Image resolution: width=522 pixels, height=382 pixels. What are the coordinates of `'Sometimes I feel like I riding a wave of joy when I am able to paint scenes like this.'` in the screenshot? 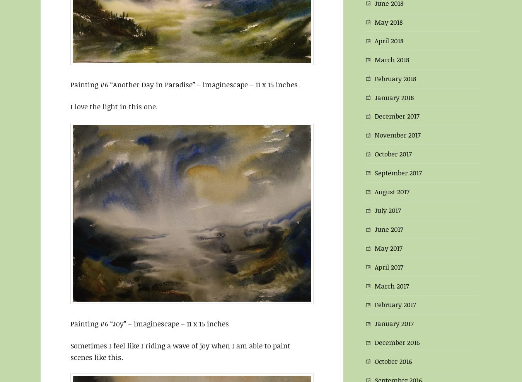 It's located at (180, 351).